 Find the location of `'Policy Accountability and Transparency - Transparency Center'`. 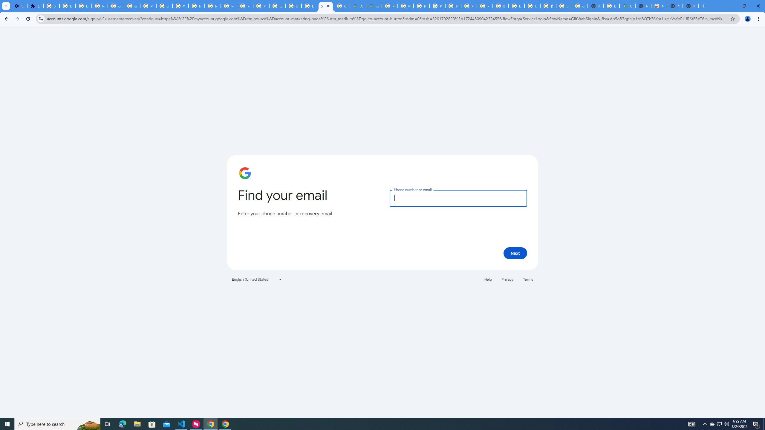

'Policy Accountability and Transparency - Transparency Center' is located at coordinates (390, 6).